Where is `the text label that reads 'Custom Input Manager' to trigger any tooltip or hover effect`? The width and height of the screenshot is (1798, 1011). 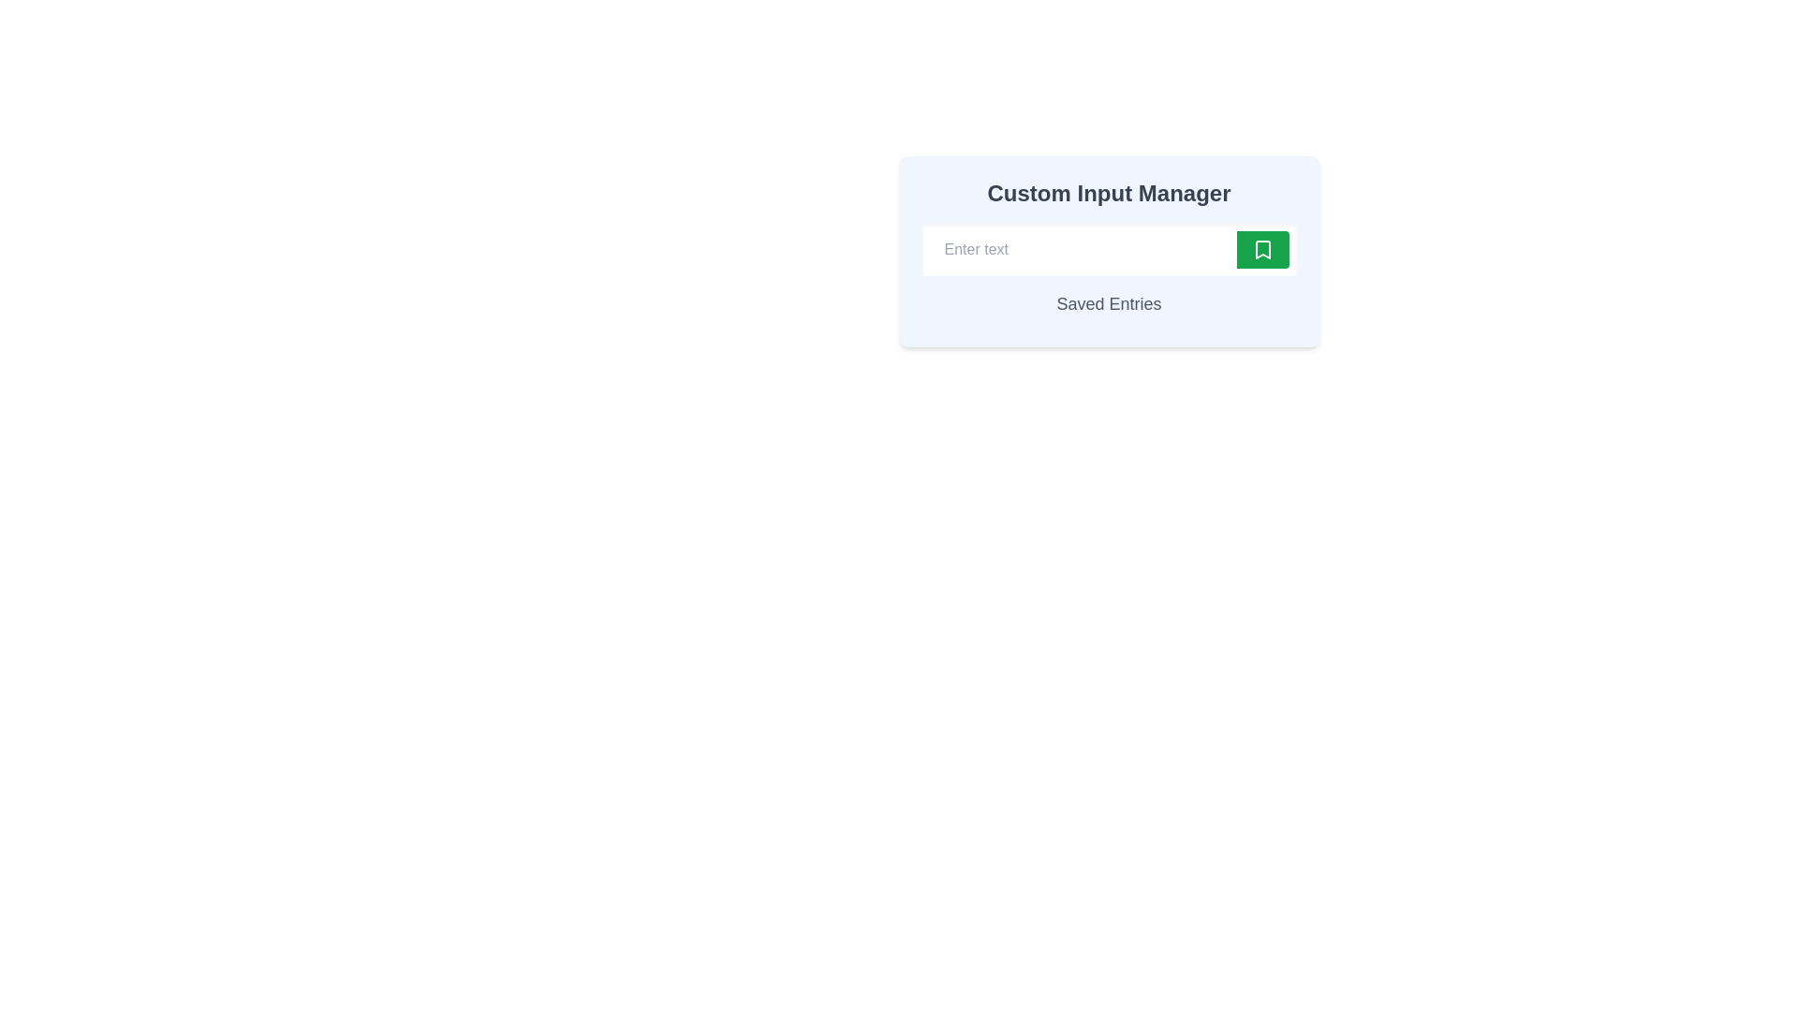 the text label that reads 'Custom Input Manager' to trigger any tooltip or hover effect is located at coordinates (1109, 194).